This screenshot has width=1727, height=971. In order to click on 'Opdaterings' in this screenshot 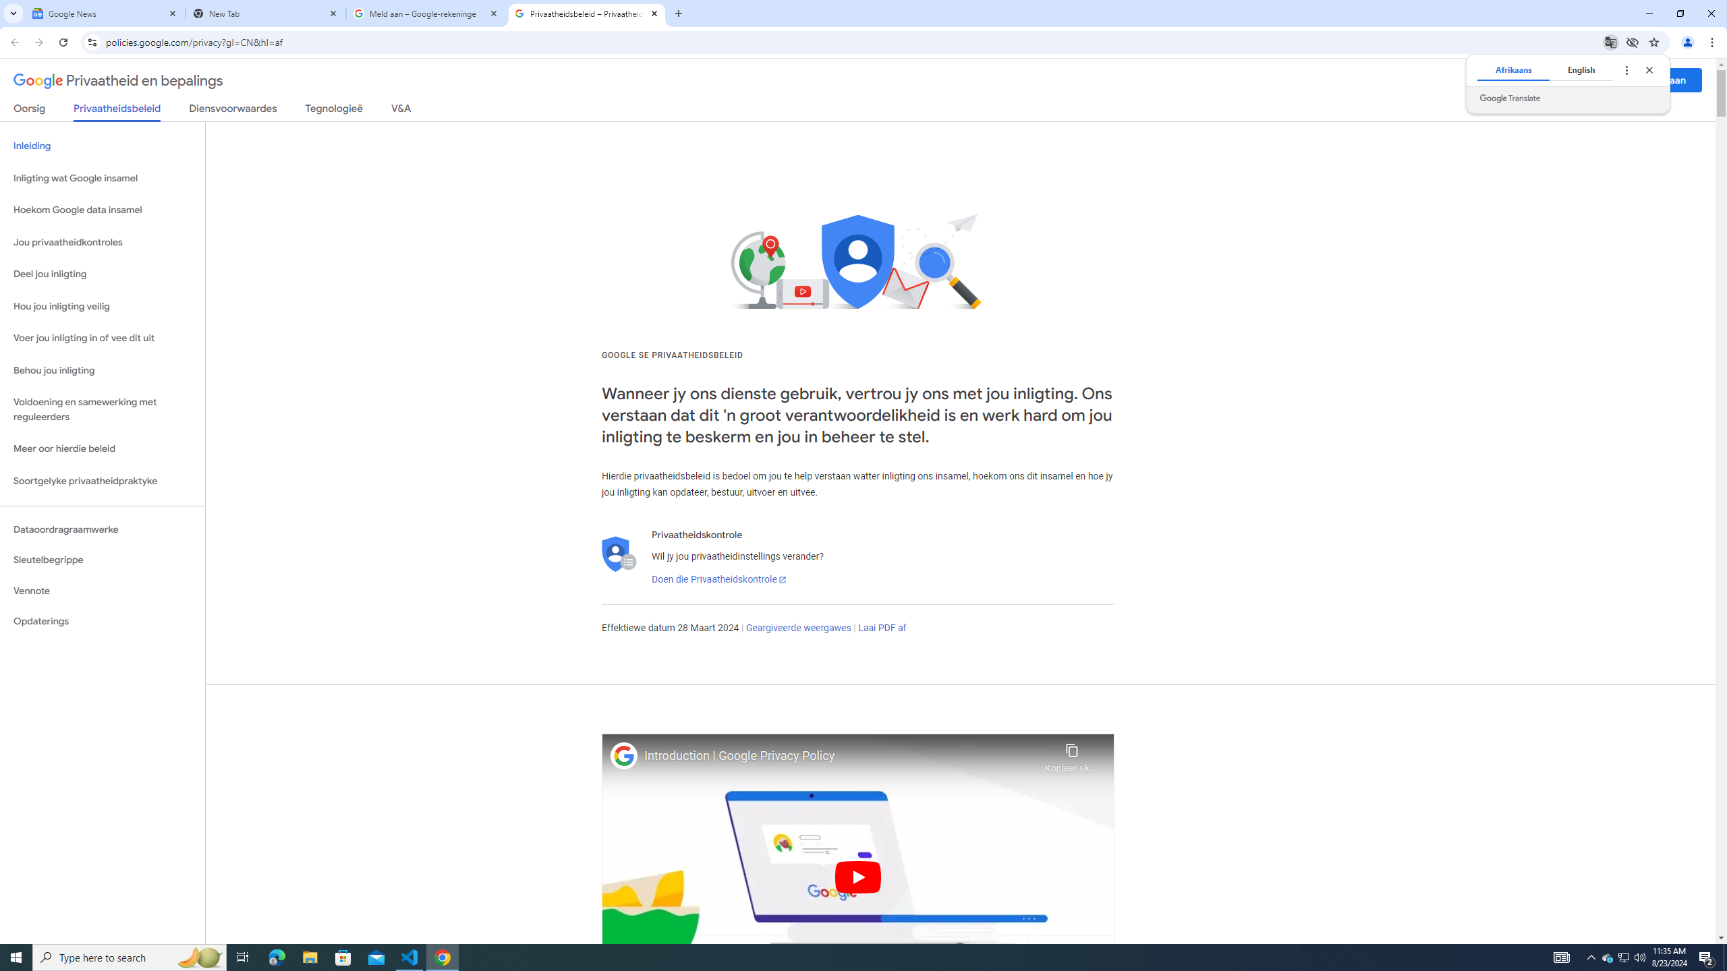, I will do `click(102, 620)`.